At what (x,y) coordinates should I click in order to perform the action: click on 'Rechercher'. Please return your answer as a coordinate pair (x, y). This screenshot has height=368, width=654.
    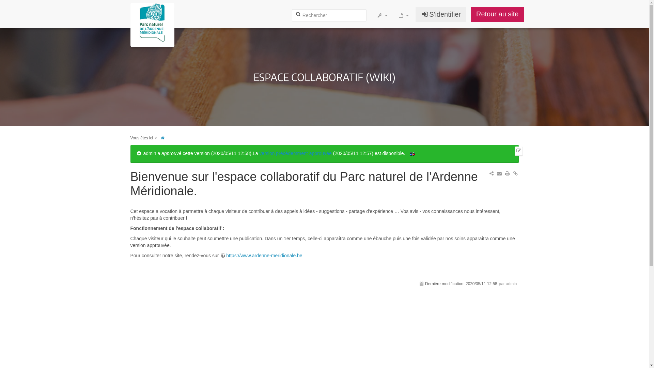
    Looking at the image, I should click on (294, 14).